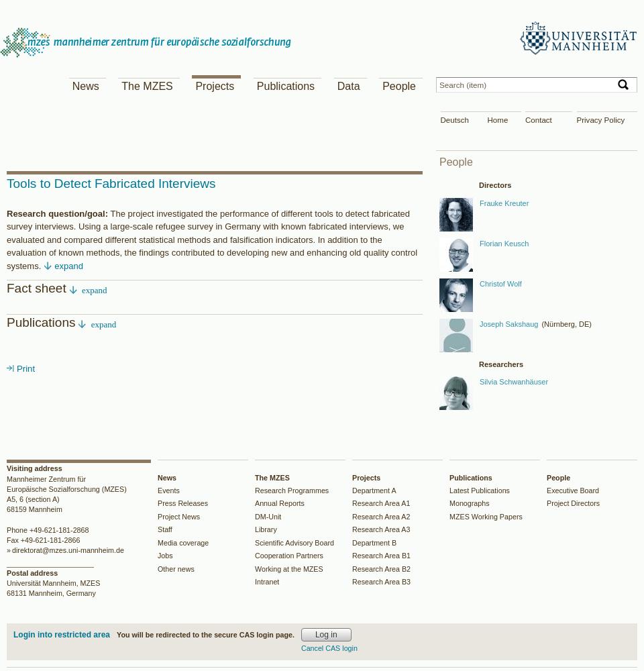 Image resolution: width=644 pixels, height=671 pixels. Describe the element at coordinates (327, 648) in the screenshot. I see `'Cancel CAS login'` at that location.